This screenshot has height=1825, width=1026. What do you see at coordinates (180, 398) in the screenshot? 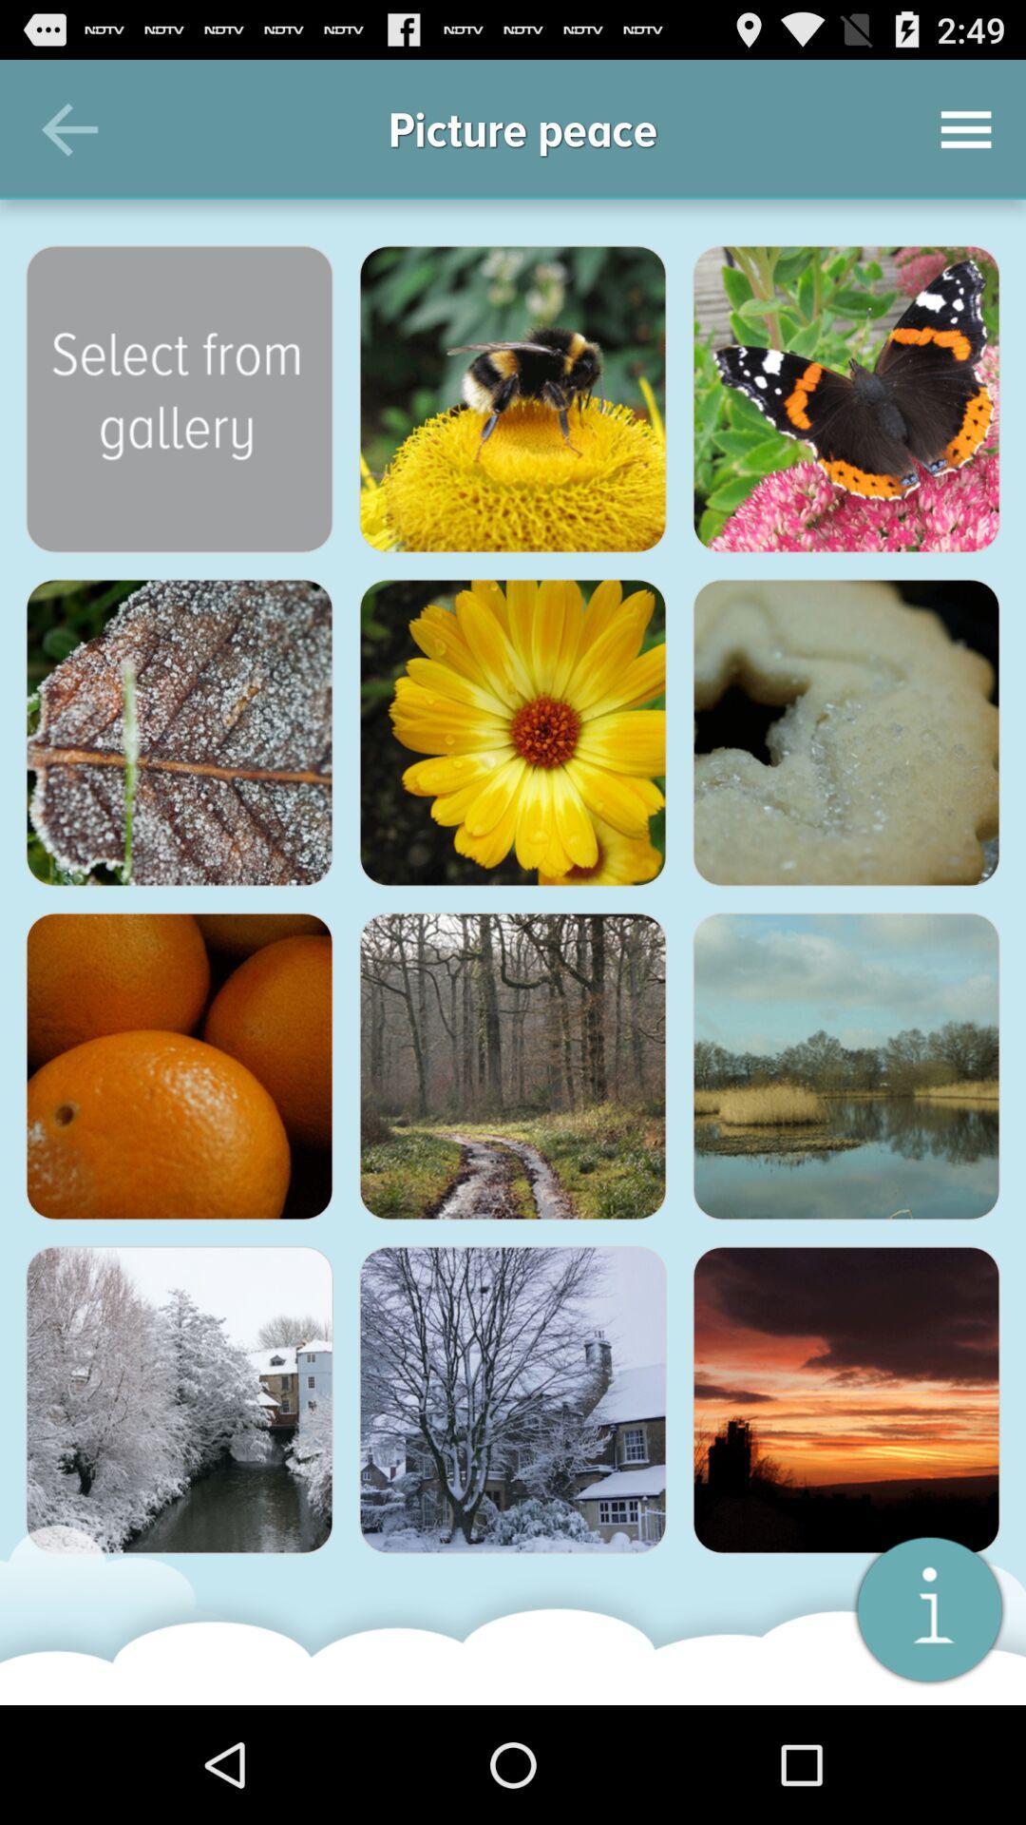
I see `a picture` at bounding box center [180, 398].